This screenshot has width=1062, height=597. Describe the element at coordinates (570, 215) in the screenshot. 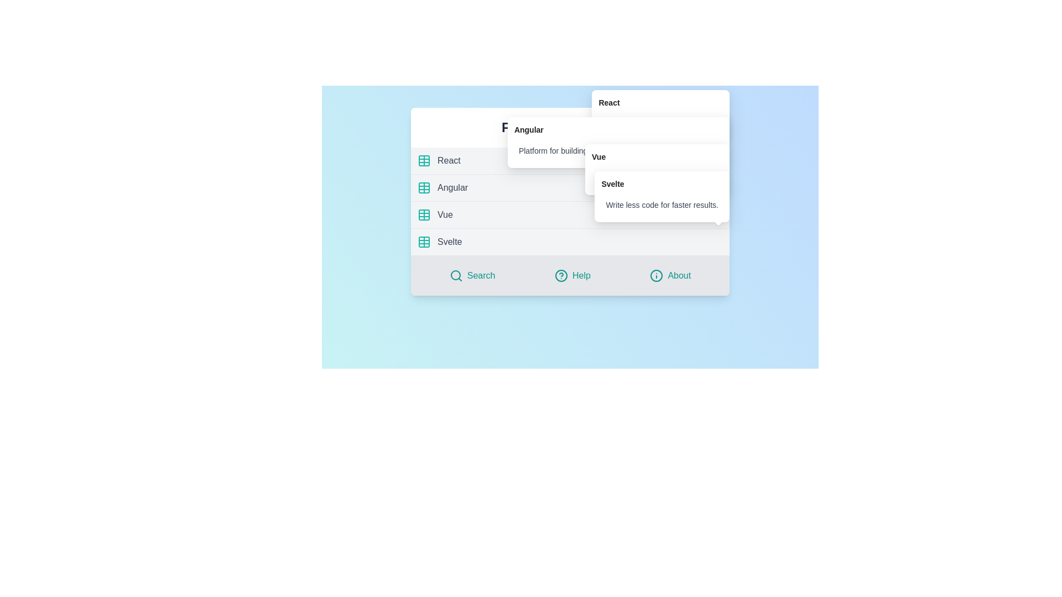

I see `the third selectable item in the 'Frameworks Info Grid' list, which relates to the 'Vue' framework` at that location.